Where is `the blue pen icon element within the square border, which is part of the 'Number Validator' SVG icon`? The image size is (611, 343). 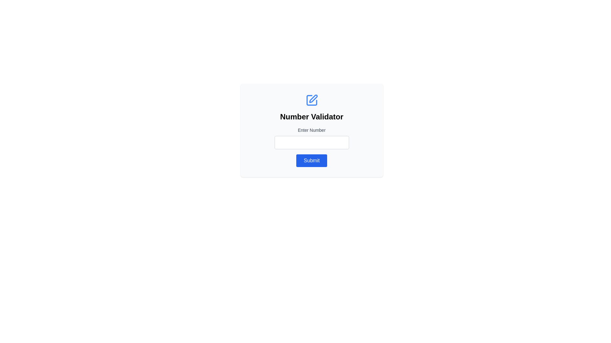
the blue pen icon element within the square border, which is part of the 'Number Validator' SVG icon is located at coordinates (313, 99).